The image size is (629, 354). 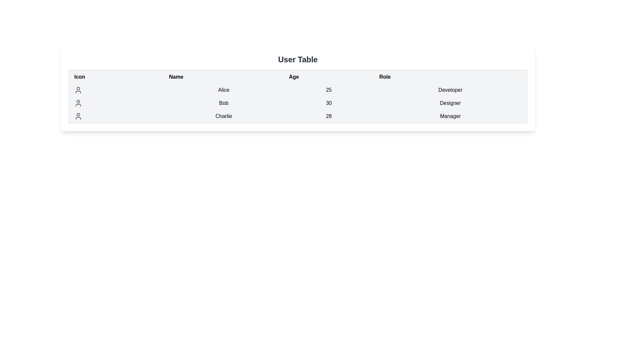 I want to click on the text label displaying the name 'Bob' in bold black font located in the second row of the table under the 'Name' column, so click(x=224, y=103).